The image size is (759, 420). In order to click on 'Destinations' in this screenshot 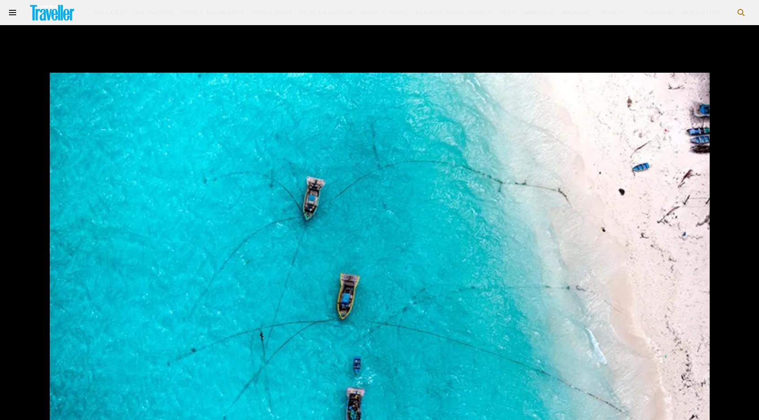, I will do `click(154, 12)`.